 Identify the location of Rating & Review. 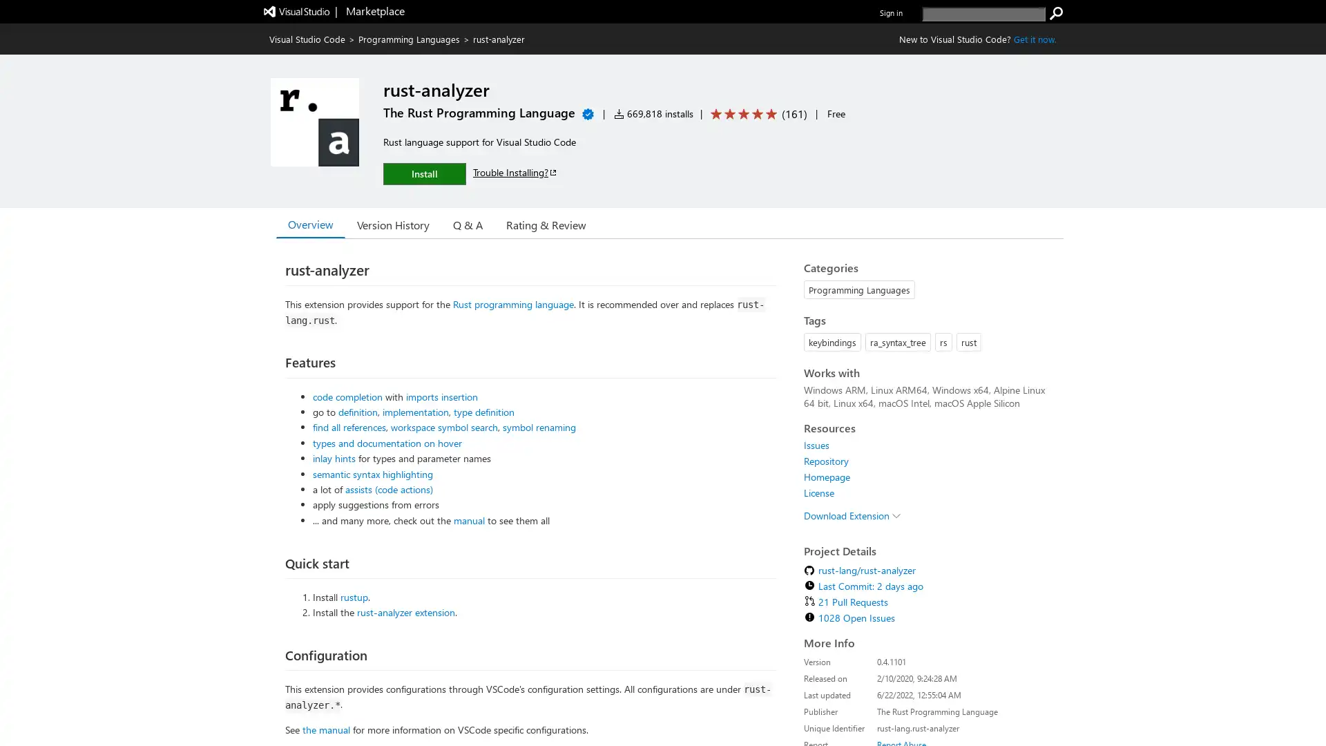
(546, 223).